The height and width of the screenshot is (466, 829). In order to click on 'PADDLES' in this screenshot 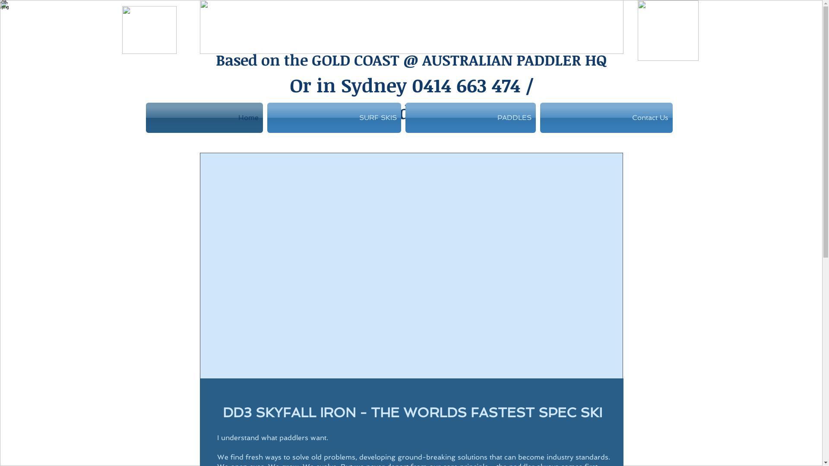, I will do `click(470, 118)`.